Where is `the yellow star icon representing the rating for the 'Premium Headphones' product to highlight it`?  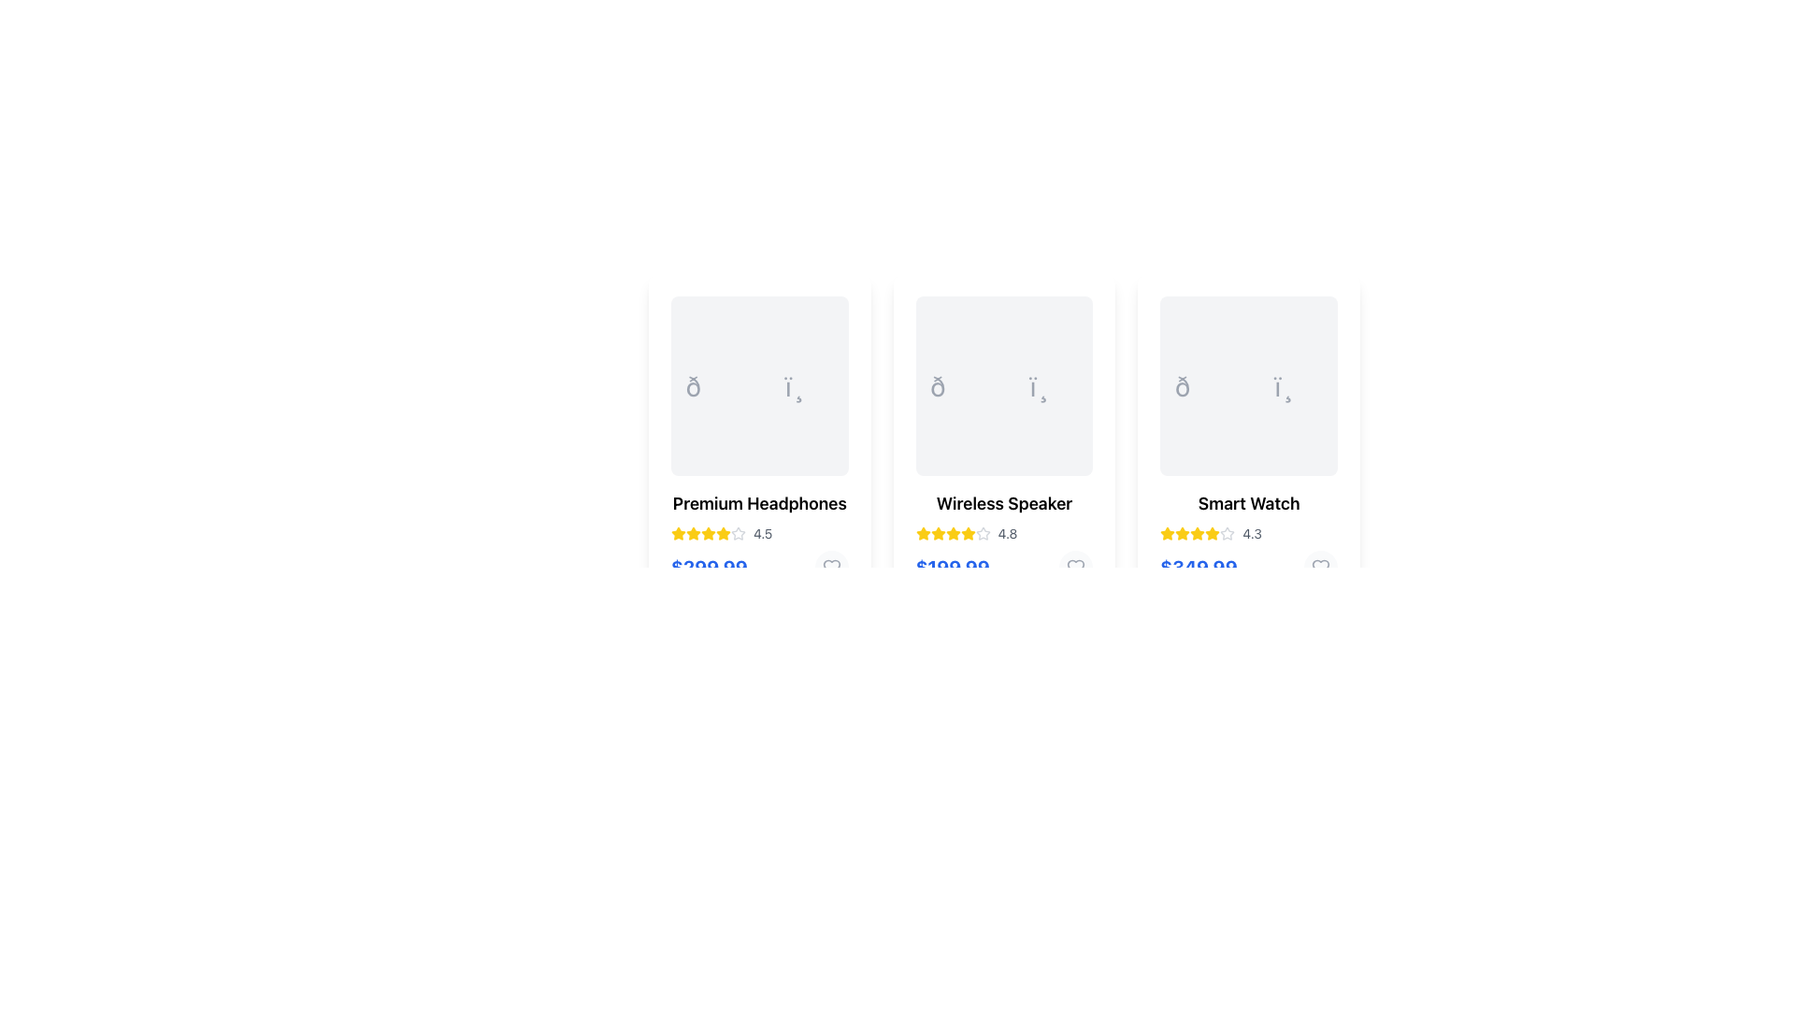
the yellow star icon representing the rating for the 'Premium Headphones' product to highlight it is located at coordinates (693, 533).